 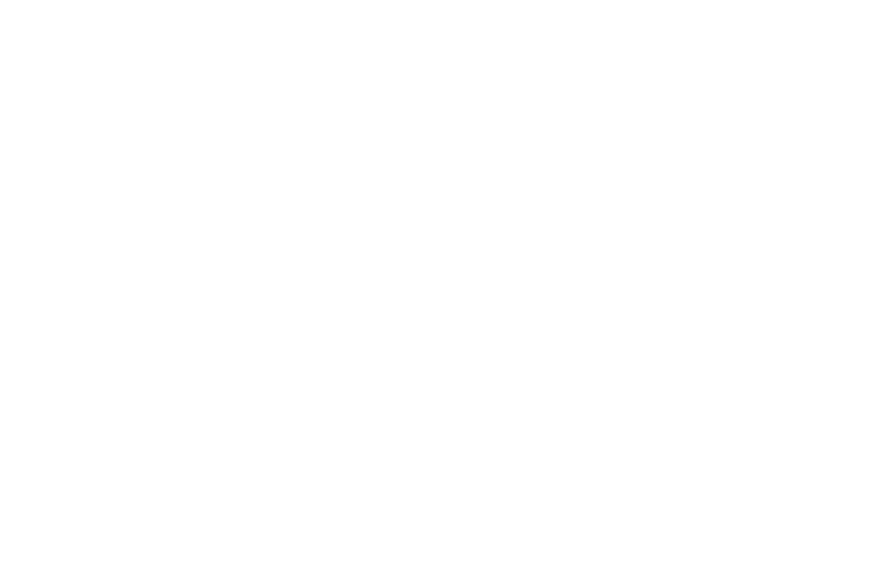 I want to click on '+45 77 34 44 44', so click(x=676, y=223).